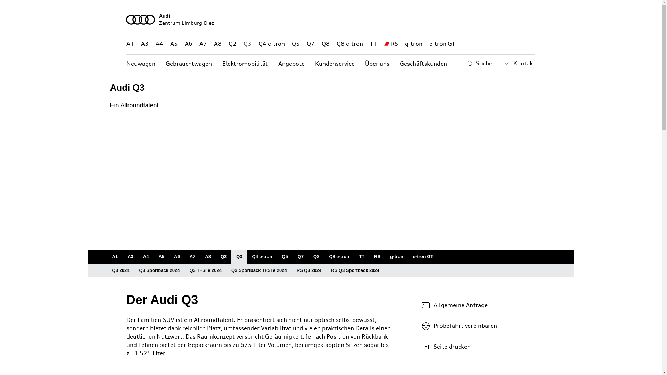 This screenshot has height=375, width=667. What do you see at coordinates (130, 257) in the screenshot?
I see `'A3'` at bounding box center [130, 257].